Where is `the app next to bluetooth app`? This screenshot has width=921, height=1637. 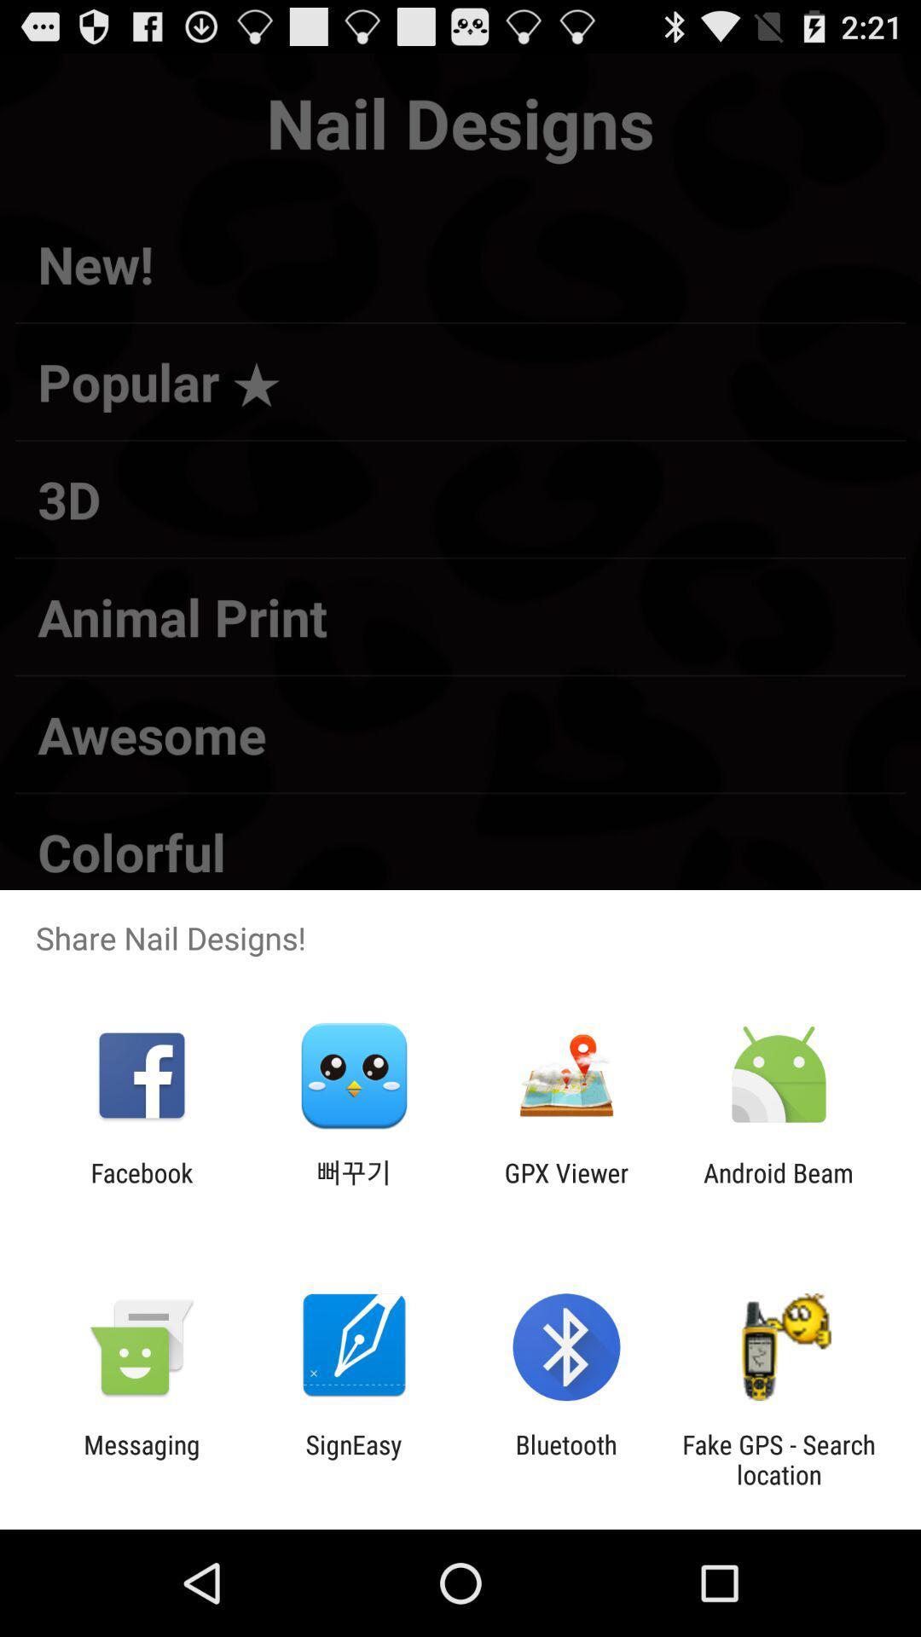 the app next to bluetooth app is located at coordinates (779, 1459).